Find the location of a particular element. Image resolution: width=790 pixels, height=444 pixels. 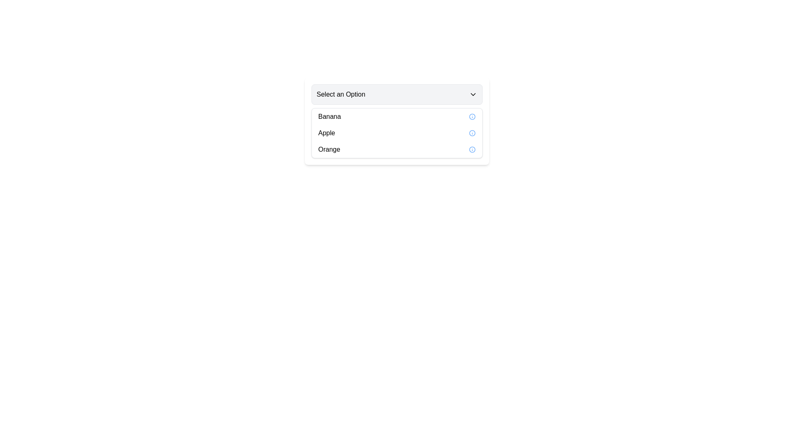

the 'Apple' option in the dropdown menu, which is the second option between 'Banana' and 'Orange' is located at coordinates (326, 133).